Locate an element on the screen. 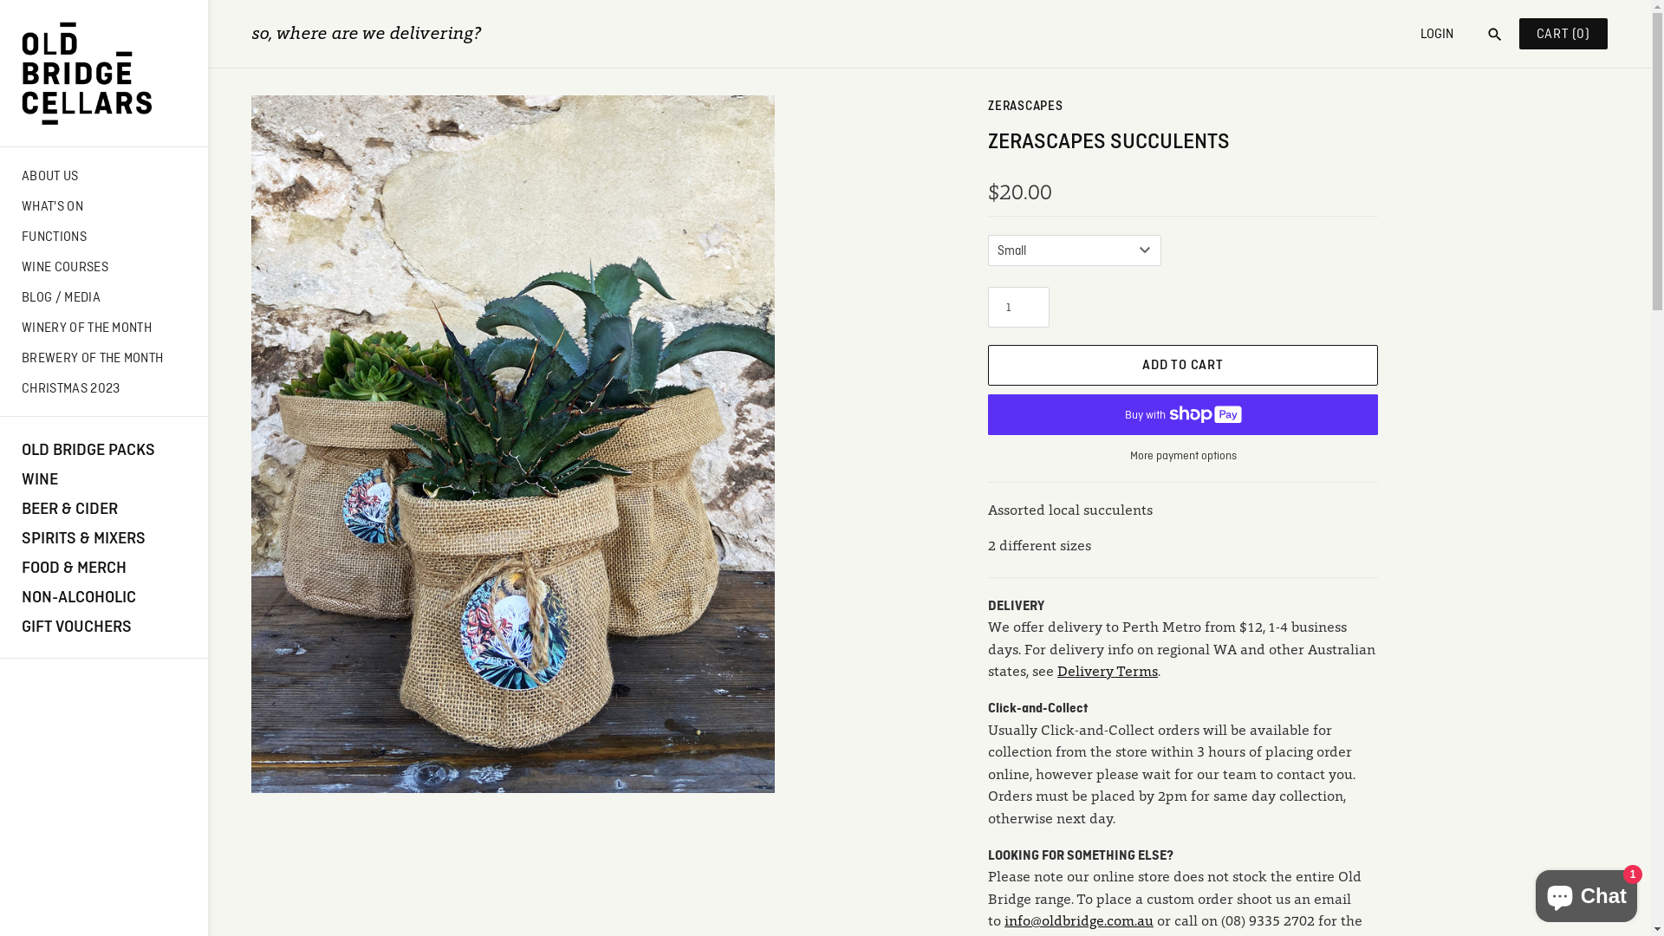  'NON-ALCOHOLIC' is located at coordinates (103, 595).